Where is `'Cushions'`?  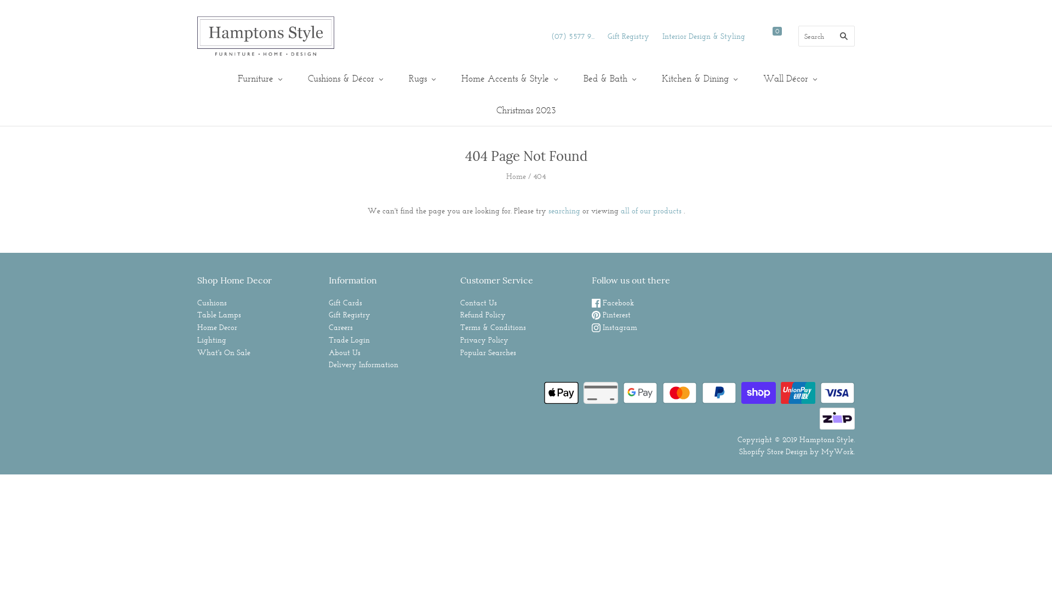
'Cushions' is located at coordinates (212, 302).